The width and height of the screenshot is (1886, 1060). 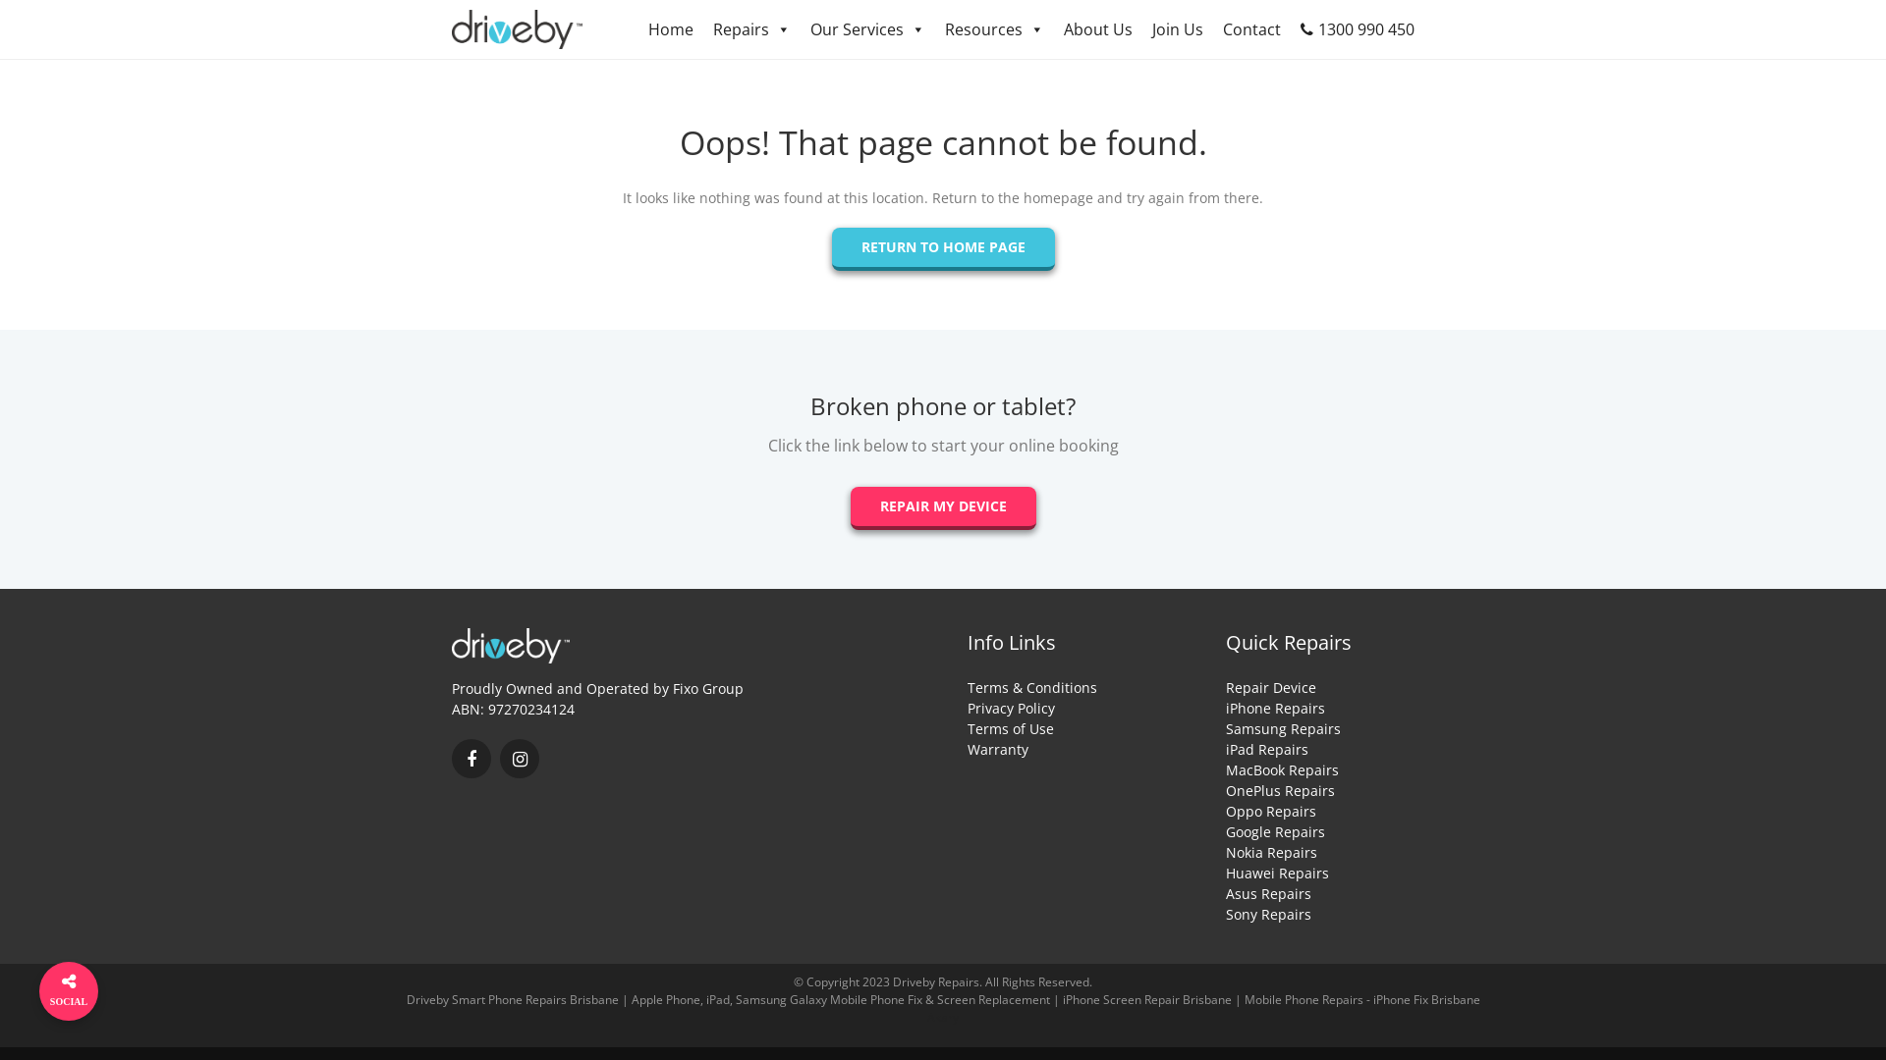 What do you see at coordinates (1282, 768) in the screenshot?
I see `'MacBook Repairs'` at bounding box center [1282, 768].